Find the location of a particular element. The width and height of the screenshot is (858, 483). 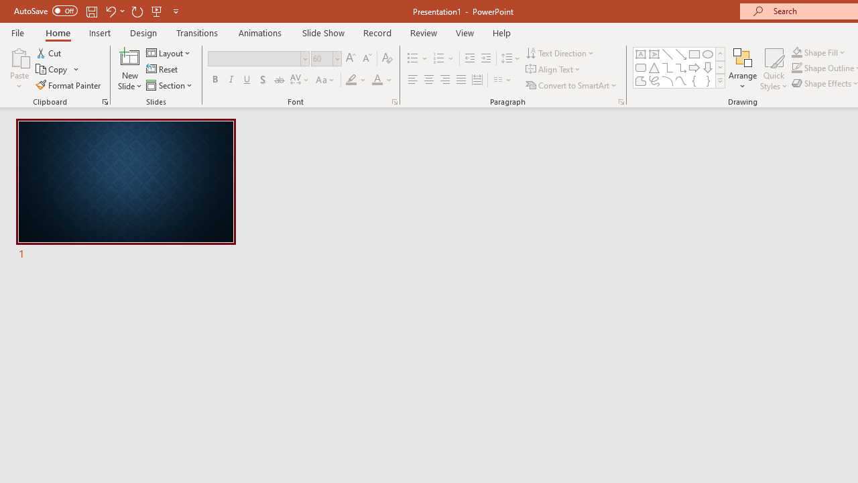

'Center' is located at coordinates (429, 80).